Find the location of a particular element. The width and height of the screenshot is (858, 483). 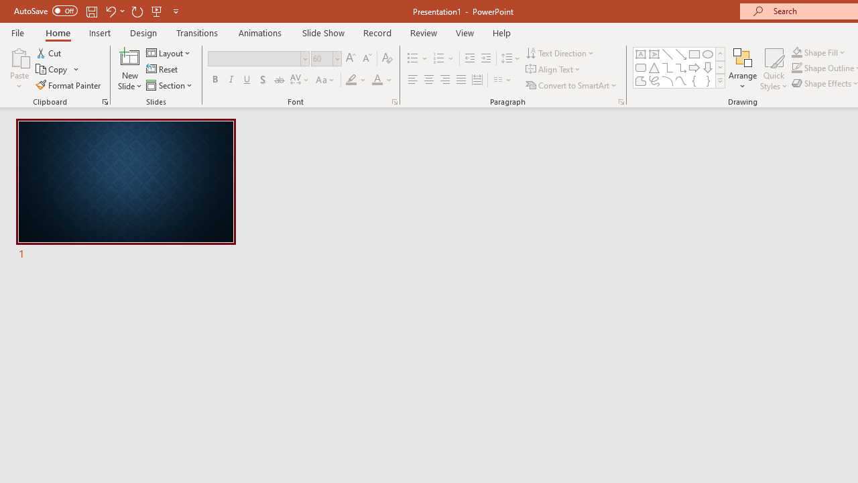

'Center' is located at coordinates (429, 80).